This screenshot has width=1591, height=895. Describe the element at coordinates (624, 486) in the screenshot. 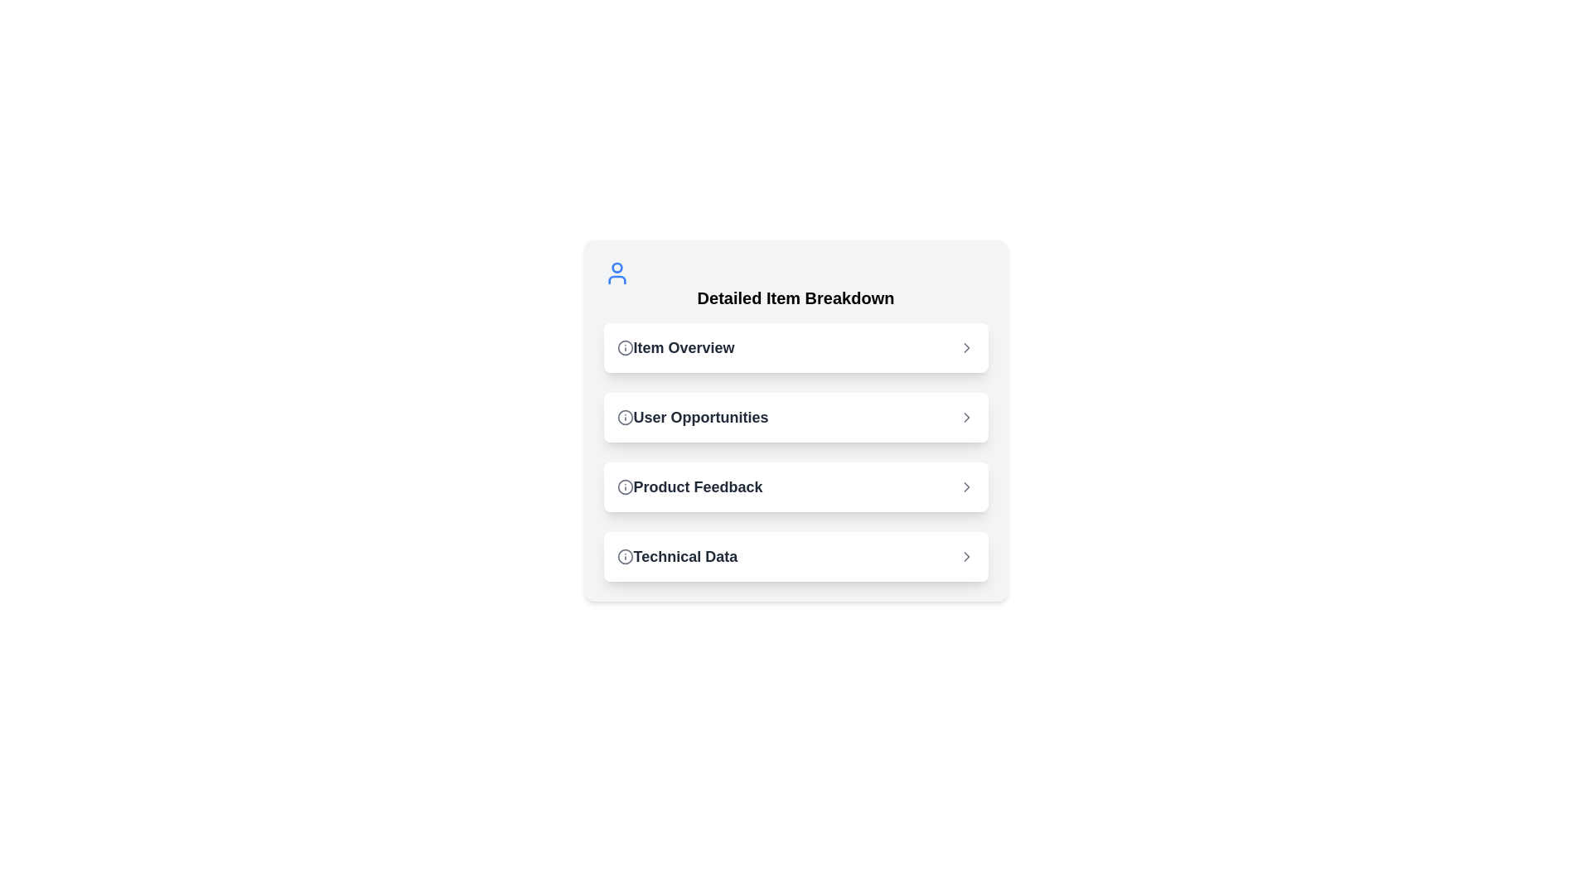

I see `the informational icon with an 'i' symbol, which is gray in color and located to the left of the 'Product Feedback' text in the 'Detailed Item Breakdown' section` at that location.